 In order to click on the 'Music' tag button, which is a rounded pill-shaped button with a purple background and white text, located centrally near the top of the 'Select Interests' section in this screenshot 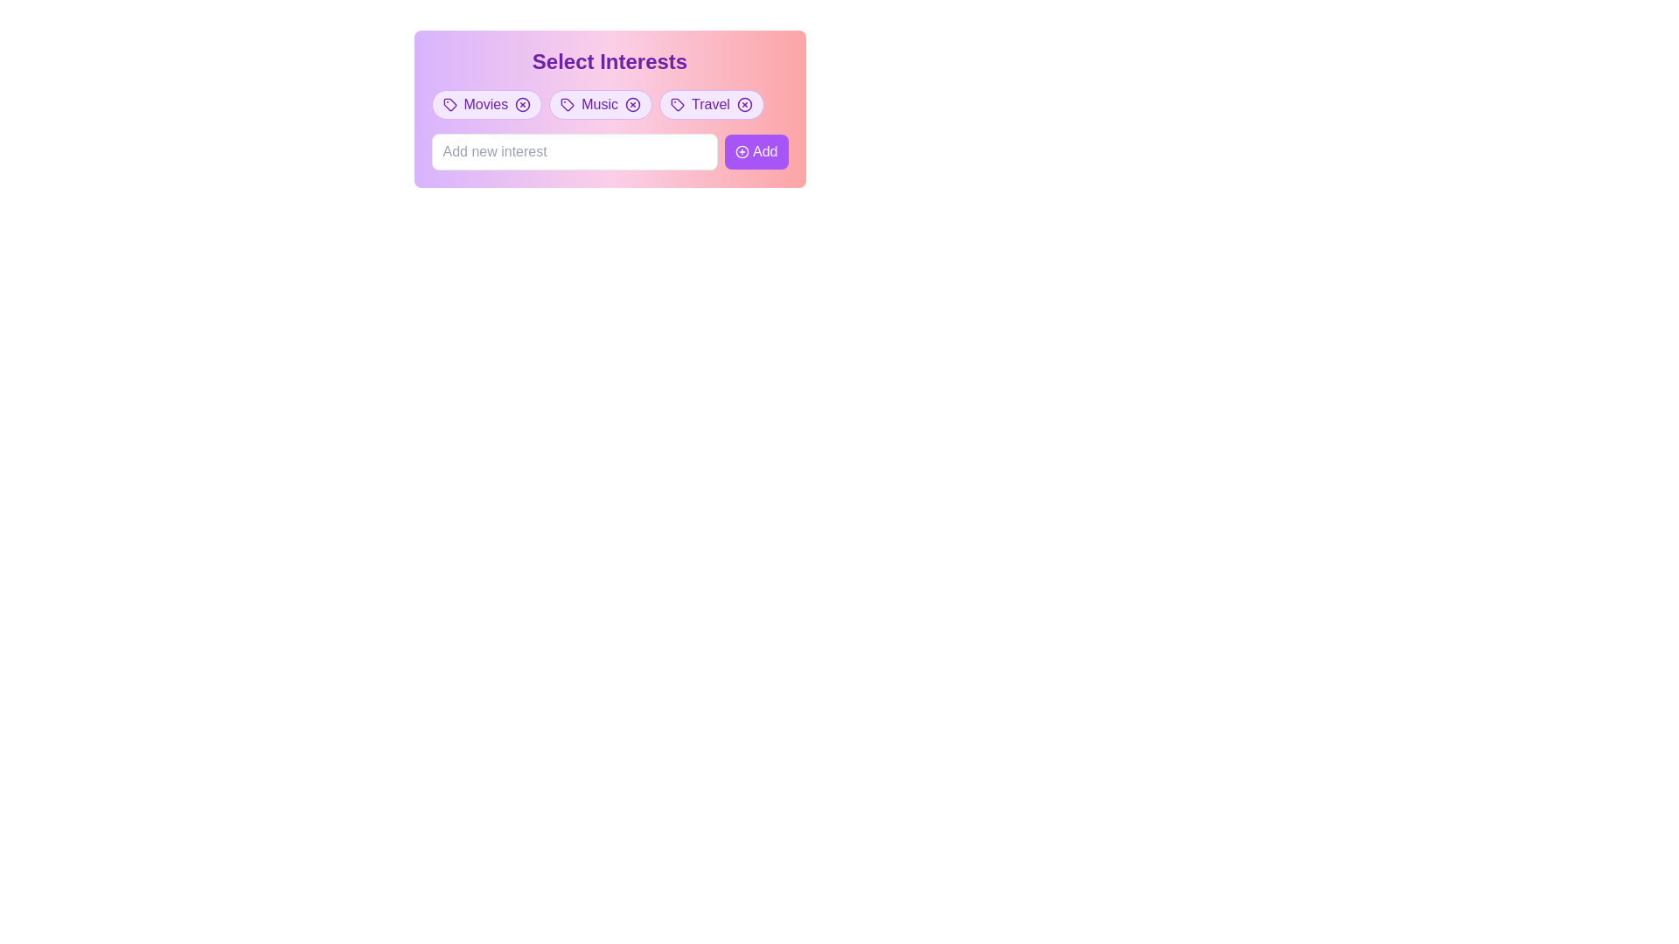, I will do `click(610, 108)`.